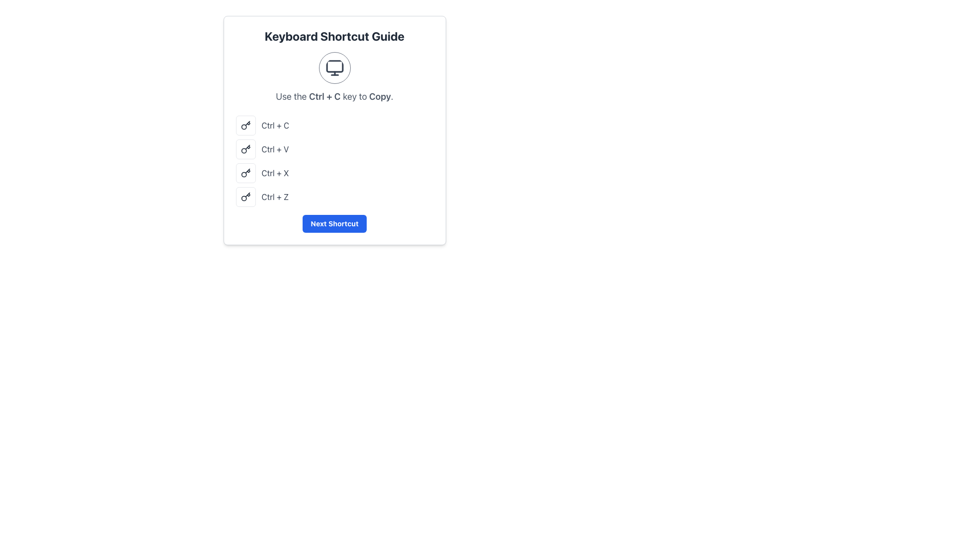 This screenshot has height=536, width=954. What do you see at coordinates (245, 197) in the screenshot?
I see `the icon button representing the 'Ctrl + Z' keyboard shortcut, located to the left of the text 'Ctrl + Z'` at bounding box center [245, 197].